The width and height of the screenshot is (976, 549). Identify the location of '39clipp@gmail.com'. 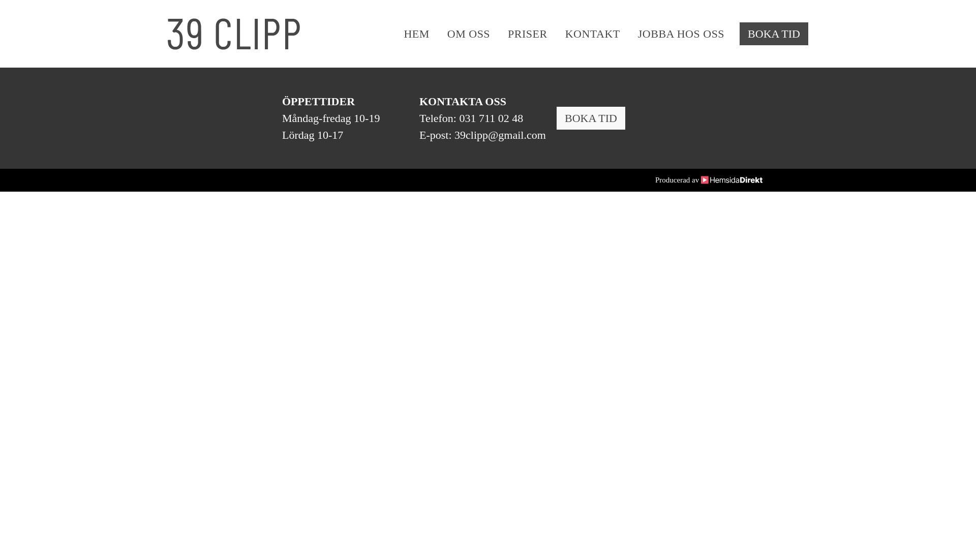
(453, 134).